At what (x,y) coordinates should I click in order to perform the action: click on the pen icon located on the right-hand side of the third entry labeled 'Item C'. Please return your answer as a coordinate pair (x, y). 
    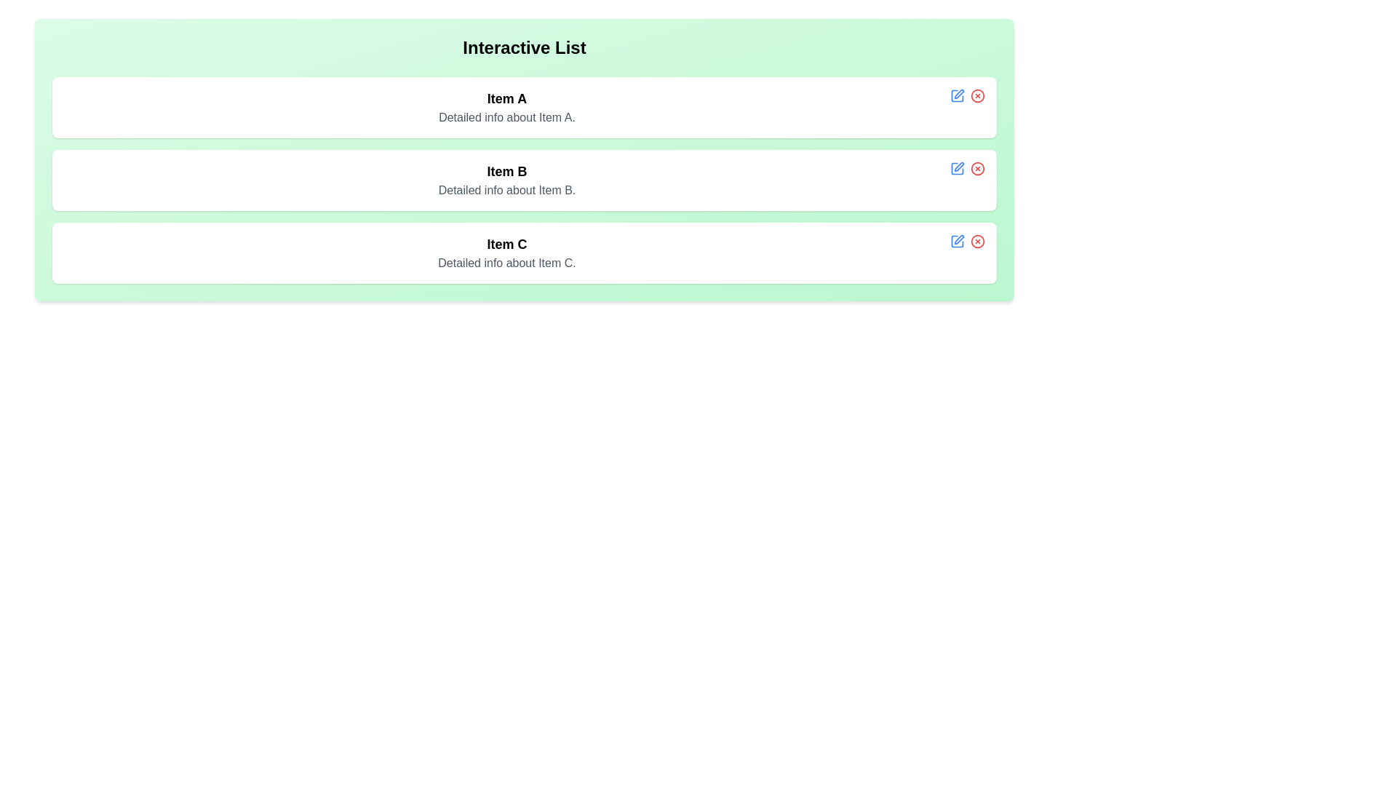
    Looking at the image, I should click on (957, 240).